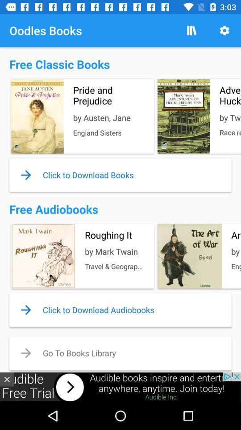 The height and width of the screenshot is (430, 241). Describe the element at coordinates (6, 379) in the screenshot. I see `the close icon` at that location.